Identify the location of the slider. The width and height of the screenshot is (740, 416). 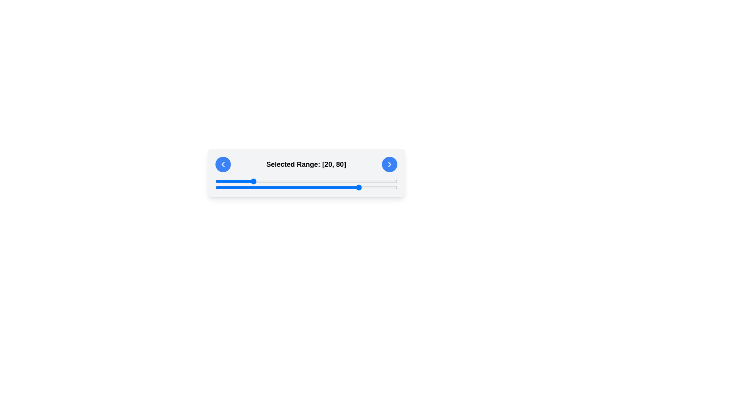
(225, 187).